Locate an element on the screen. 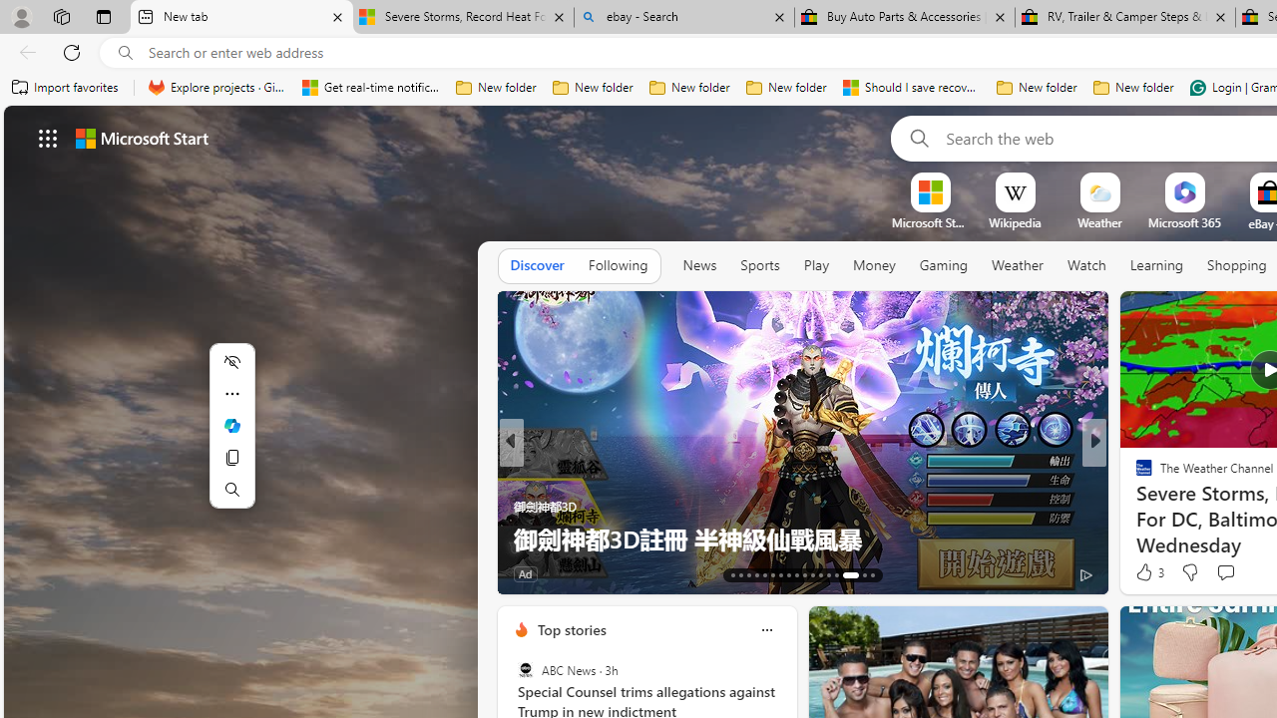  'New tab' is located at coordinates (240, 17).